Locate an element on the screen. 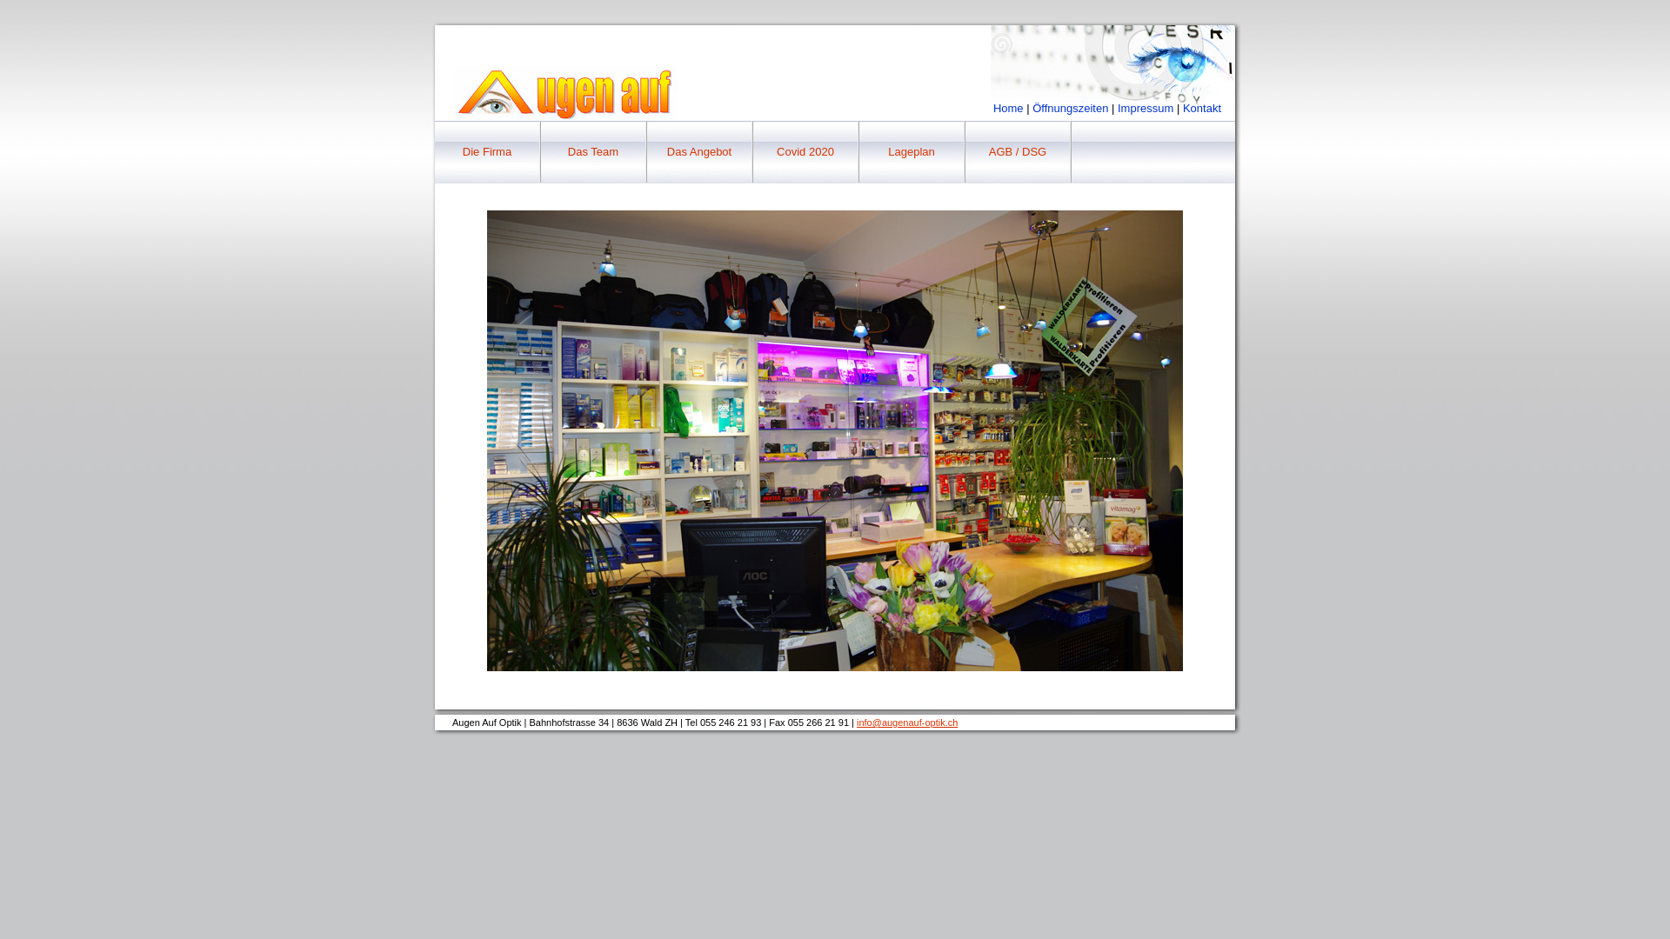 This screenshot has height=939, width=1670. 'Home' is located at coordinates (1008, 108).